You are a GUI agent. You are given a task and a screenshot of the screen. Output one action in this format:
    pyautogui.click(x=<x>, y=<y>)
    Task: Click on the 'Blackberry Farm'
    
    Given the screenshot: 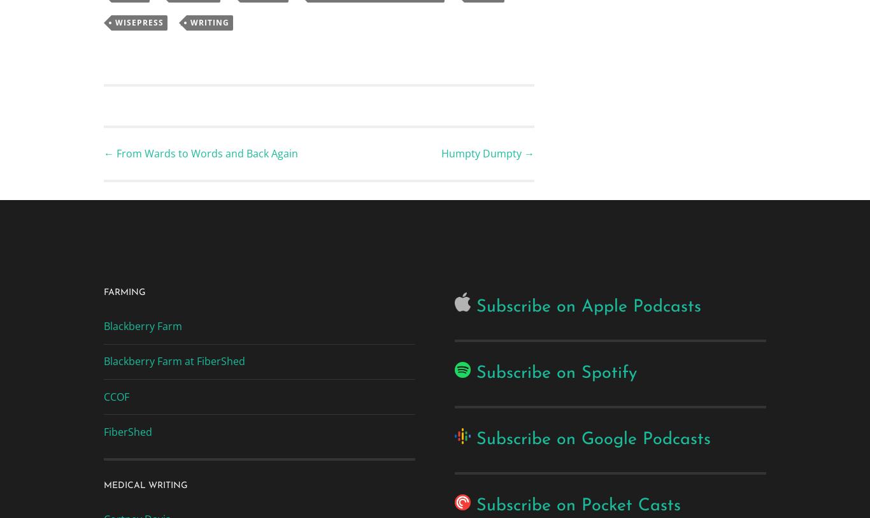 What is the action you would take?
    pyautogui.click(x=142, y=325)
    